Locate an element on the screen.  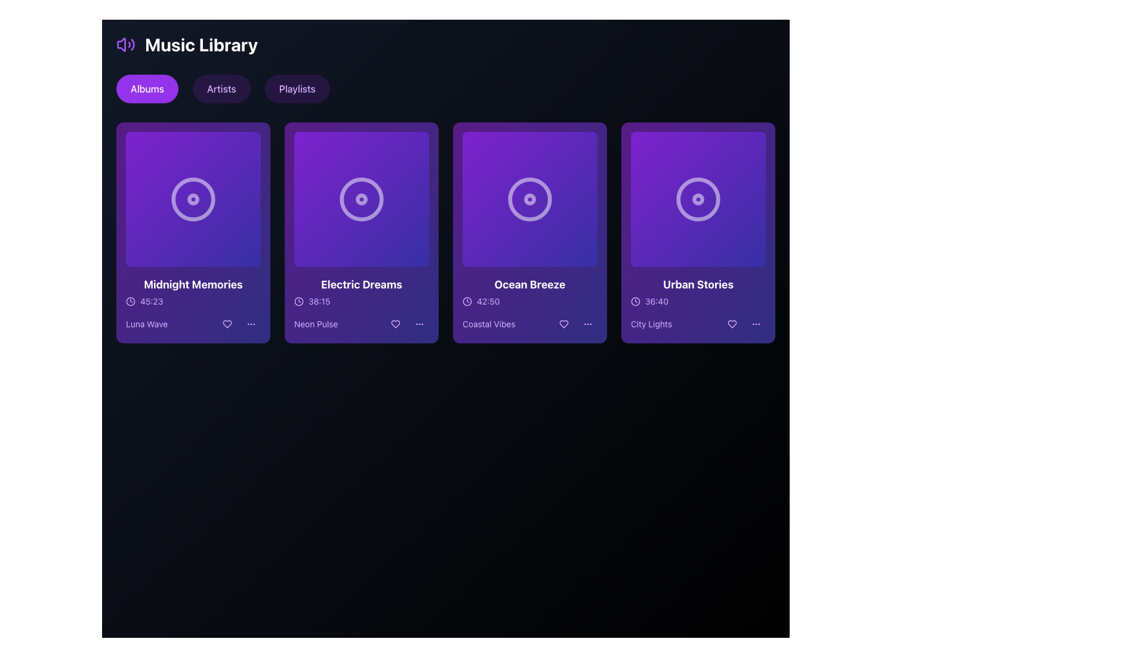
the 'play' icon inside the third card labeled 'Ocean Breeze' in the 'Music Library' interface is located at coordinates (529, 199).